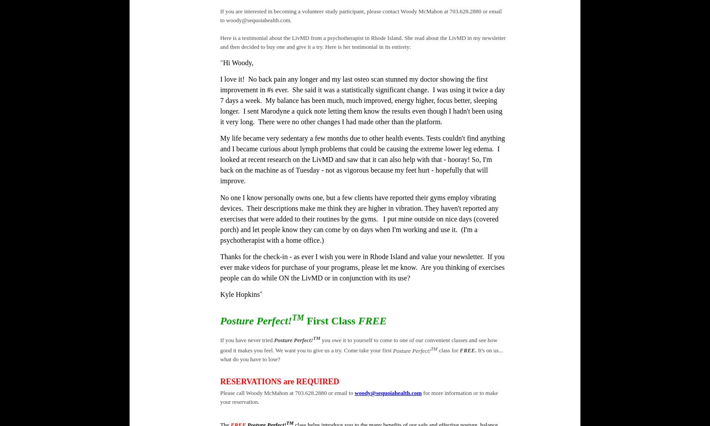  What do you see at coordinates (220, 159) in the screenshot?
I see `'My life became very sedentary a few months due to other health events. Tests couldn't find anything and I became curious about lymph problems that could be causing the extreme lower leg edema.  I looked at recent research on the LivMD and saw that it can also help with that - hooray! So, I'm back on the machine as of Tuesday - not as vigorous because my feet hurt - hopefully that will improve.'` at bounding box center [220, 159].